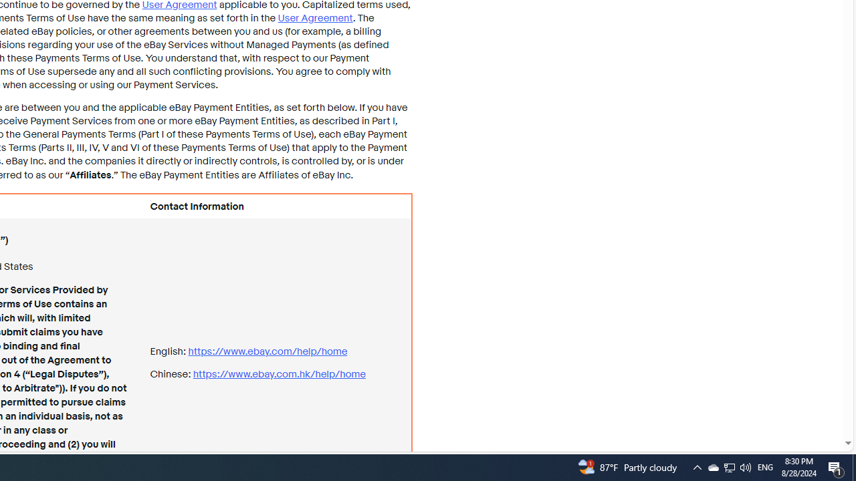 The height and width of the screenshot is (481, 856). I want to click on 'https://www.ebay.com/ help/home', so click(267, 350).